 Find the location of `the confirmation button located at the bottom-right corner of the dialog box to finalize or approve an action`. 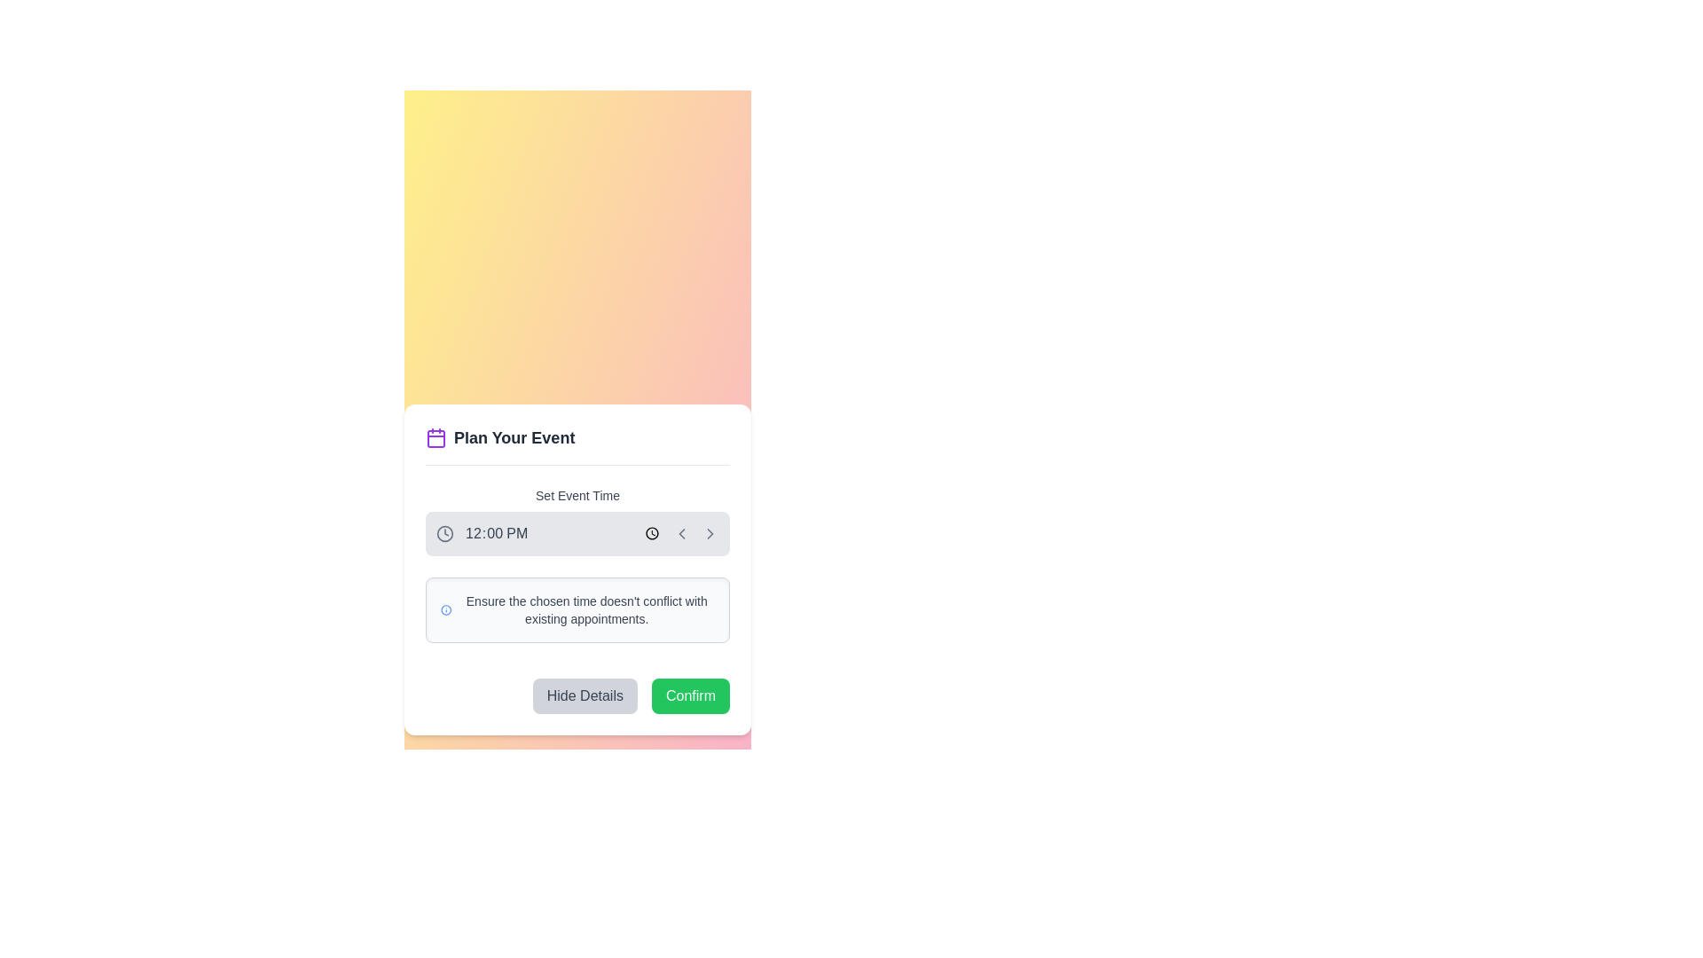

the confirmation button located at the bottom-right corner of the dialog box to finalize or approve an action is located at coordinates (689, 695).